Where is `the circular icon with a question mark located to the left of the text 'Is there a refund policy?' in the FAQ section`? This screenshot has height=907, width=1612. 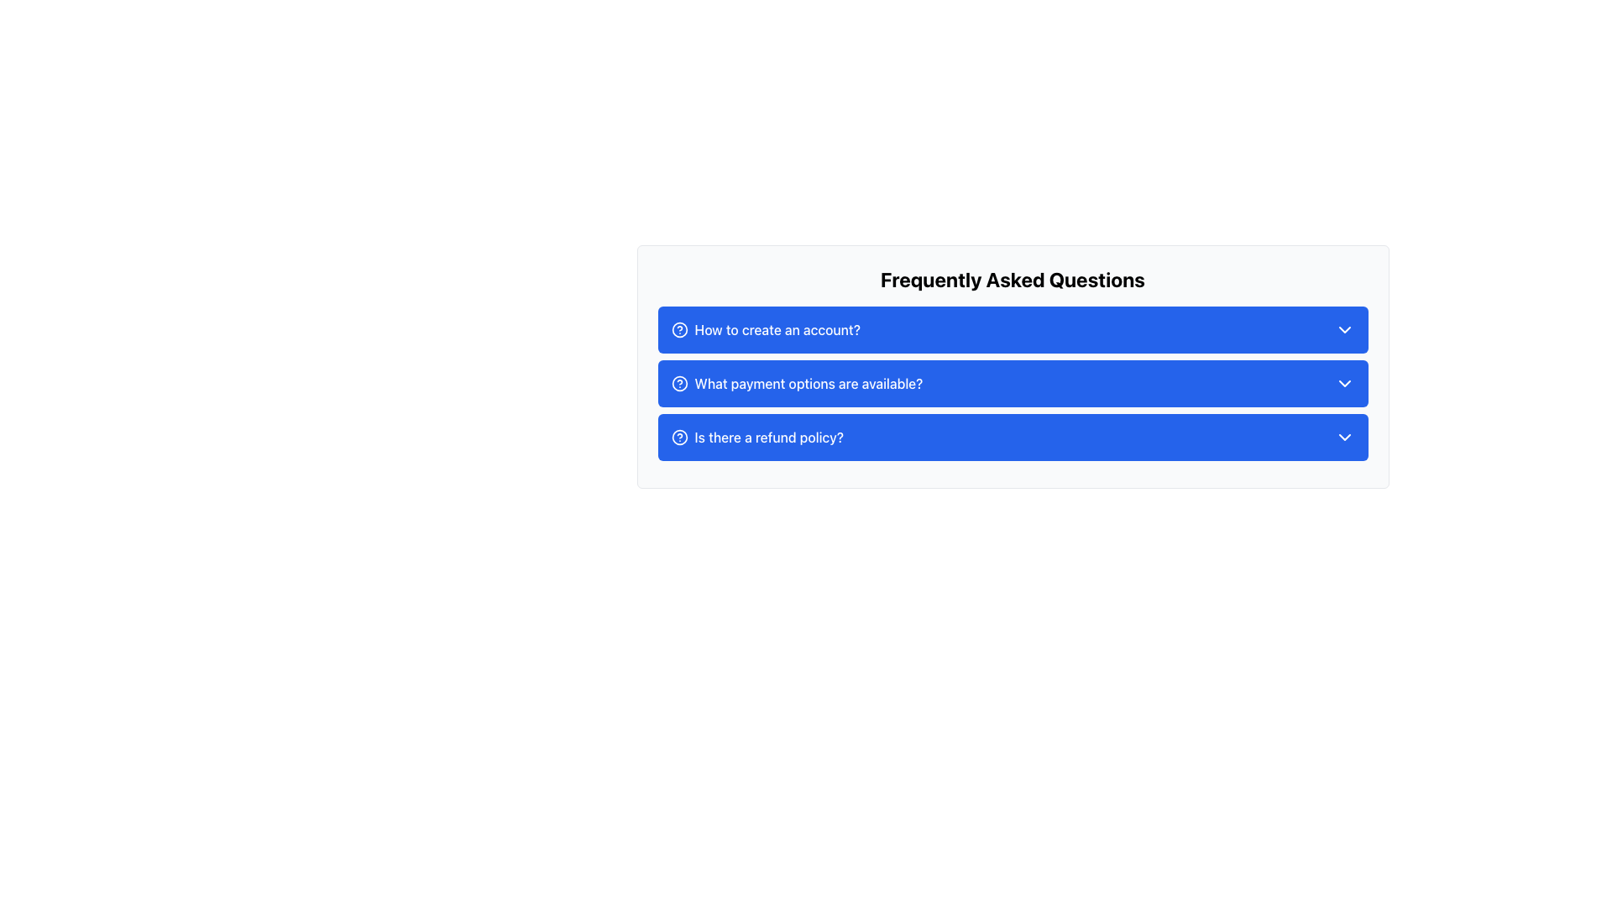
the circular icon with a question mark located to the left of the text 'Is there a refund policy?' in the FAQ section is located at coordinates (679, 436).